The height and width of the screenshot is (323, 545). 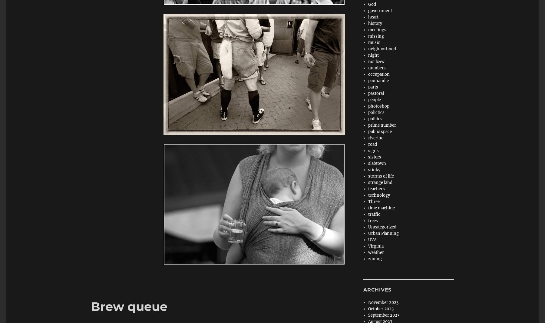 What do you see at coordinates (379, 195) in the screenshot?
I see `'technology'` at bounding box center [379, 195].